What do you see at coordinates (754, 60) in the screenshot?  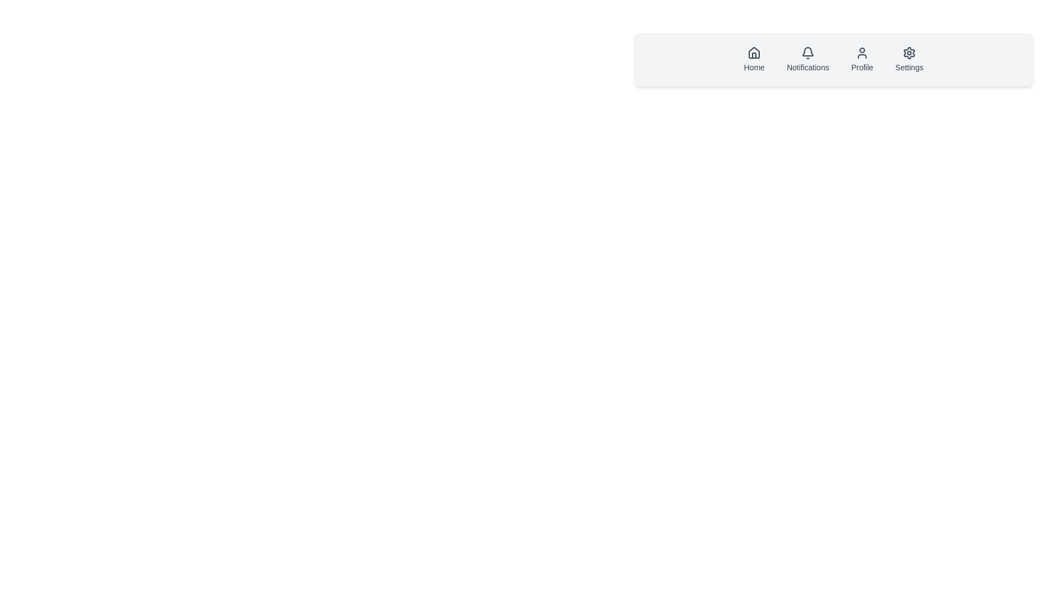 I see `the navigation button located at the top-right corner of the interface, immediately to the left of the 'Notifications' button, to possibly see a tooltip or highlight` at bounding box center [754, 60].